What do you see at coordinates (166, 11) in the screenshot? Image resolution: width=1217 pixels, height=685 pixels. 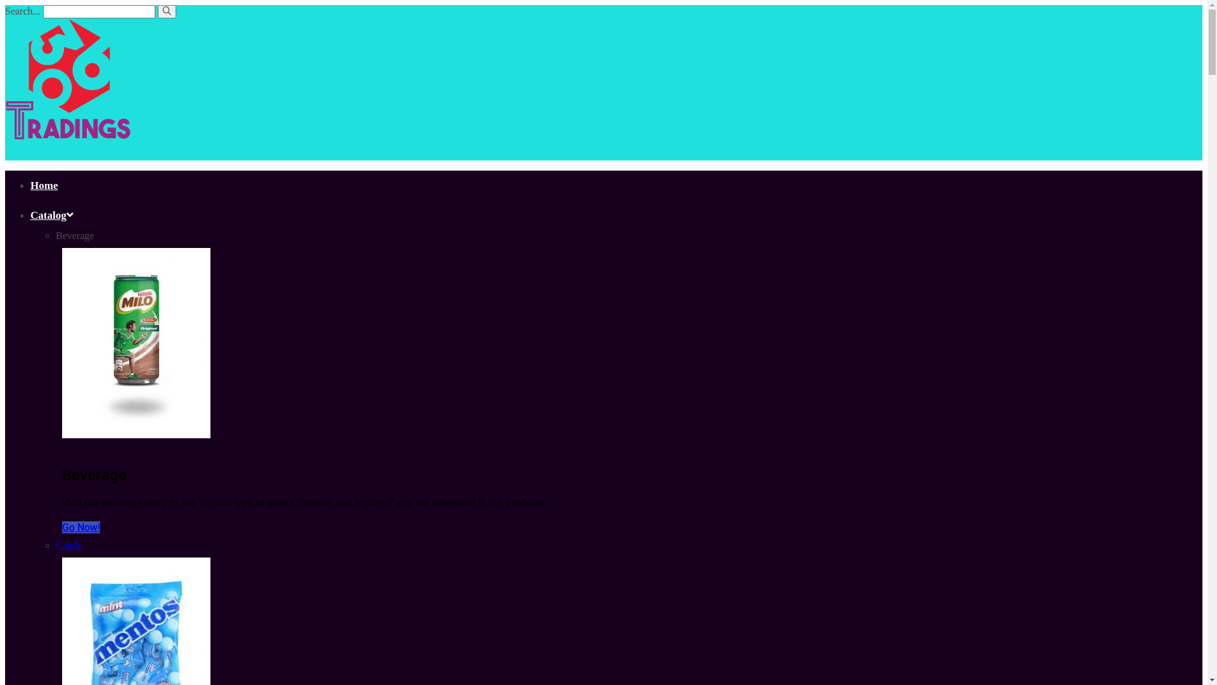 I see `'Submit search'` at bounding box center [166, 11].